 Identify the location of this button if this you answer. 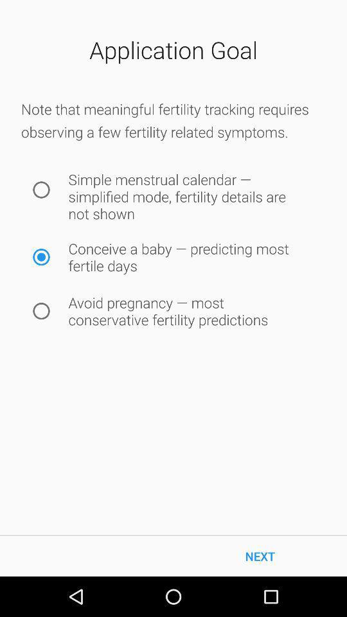
(41, 256).